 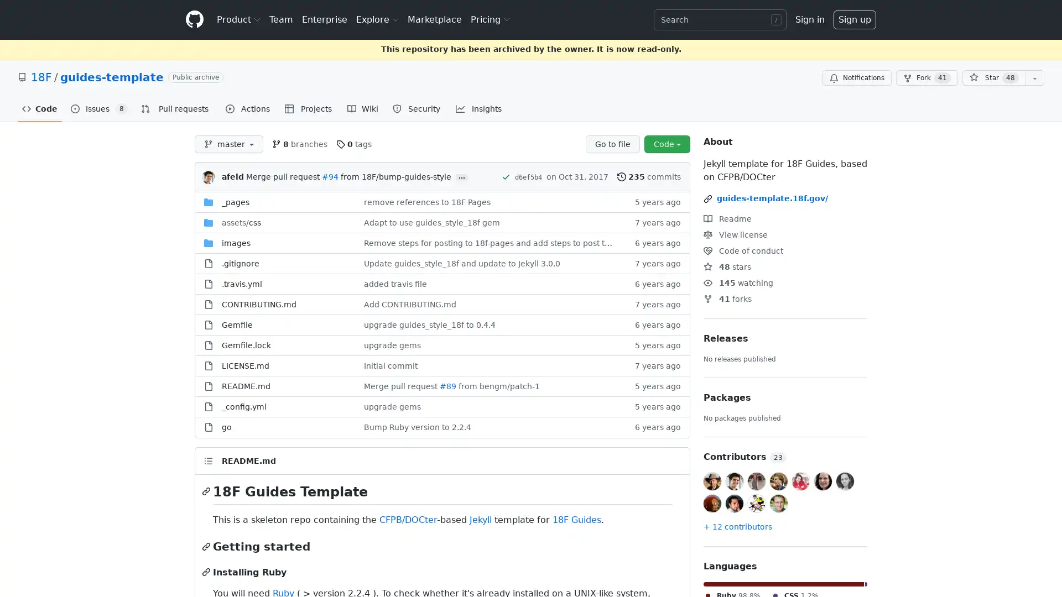 I want to click on You must be signed in to add this repository to a list, so click(x=1034, y=77).